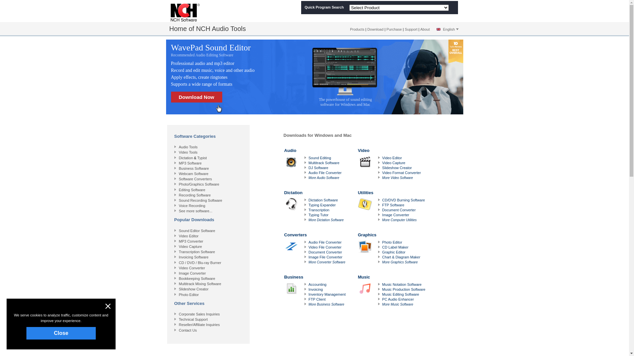 The height and width of the screenshot is (356, 634). Describe the element at coordinates (327, 262) in the screenshot. I see `'More Converter Software'` at that location.